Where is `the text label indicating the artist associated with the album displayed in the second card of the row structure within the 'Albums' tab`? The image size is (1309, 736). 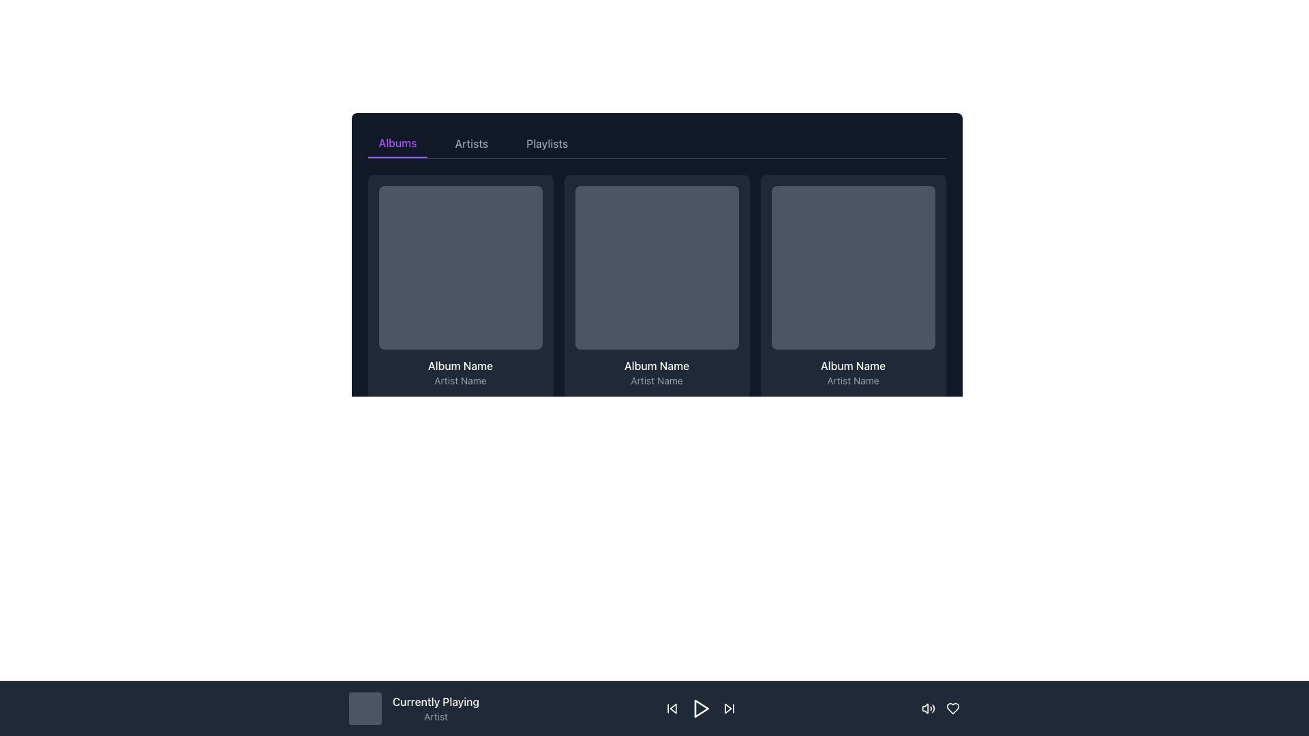
the text label indicating the artist associated with the album displayed in the second card of the row structure within the 'Albums' tab is located at coordinates (657, 381).